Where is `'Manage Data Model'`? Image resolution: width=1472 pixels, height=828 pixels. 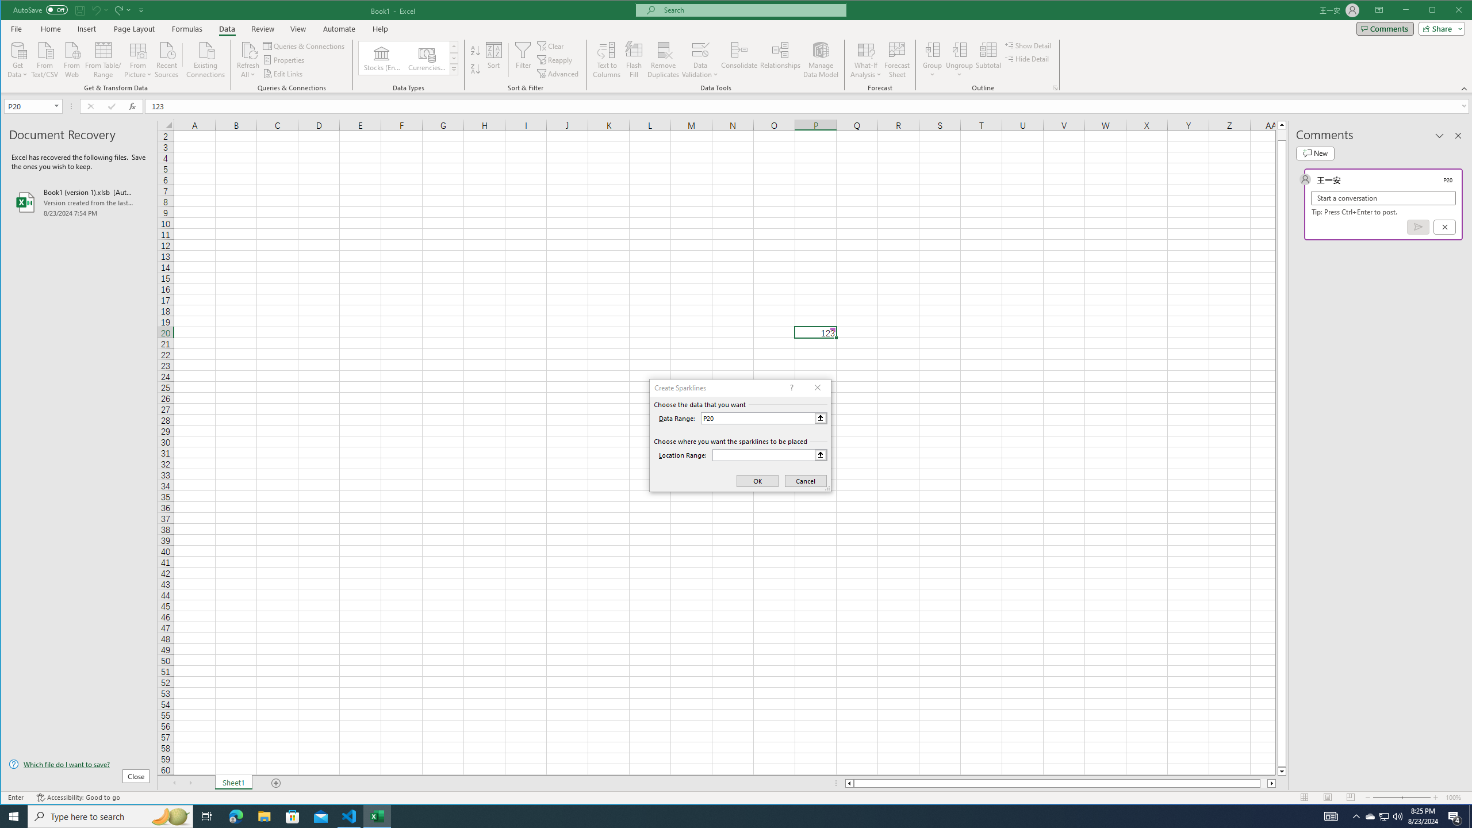
'Manage Data Model' is located at coordinates (821, 59).